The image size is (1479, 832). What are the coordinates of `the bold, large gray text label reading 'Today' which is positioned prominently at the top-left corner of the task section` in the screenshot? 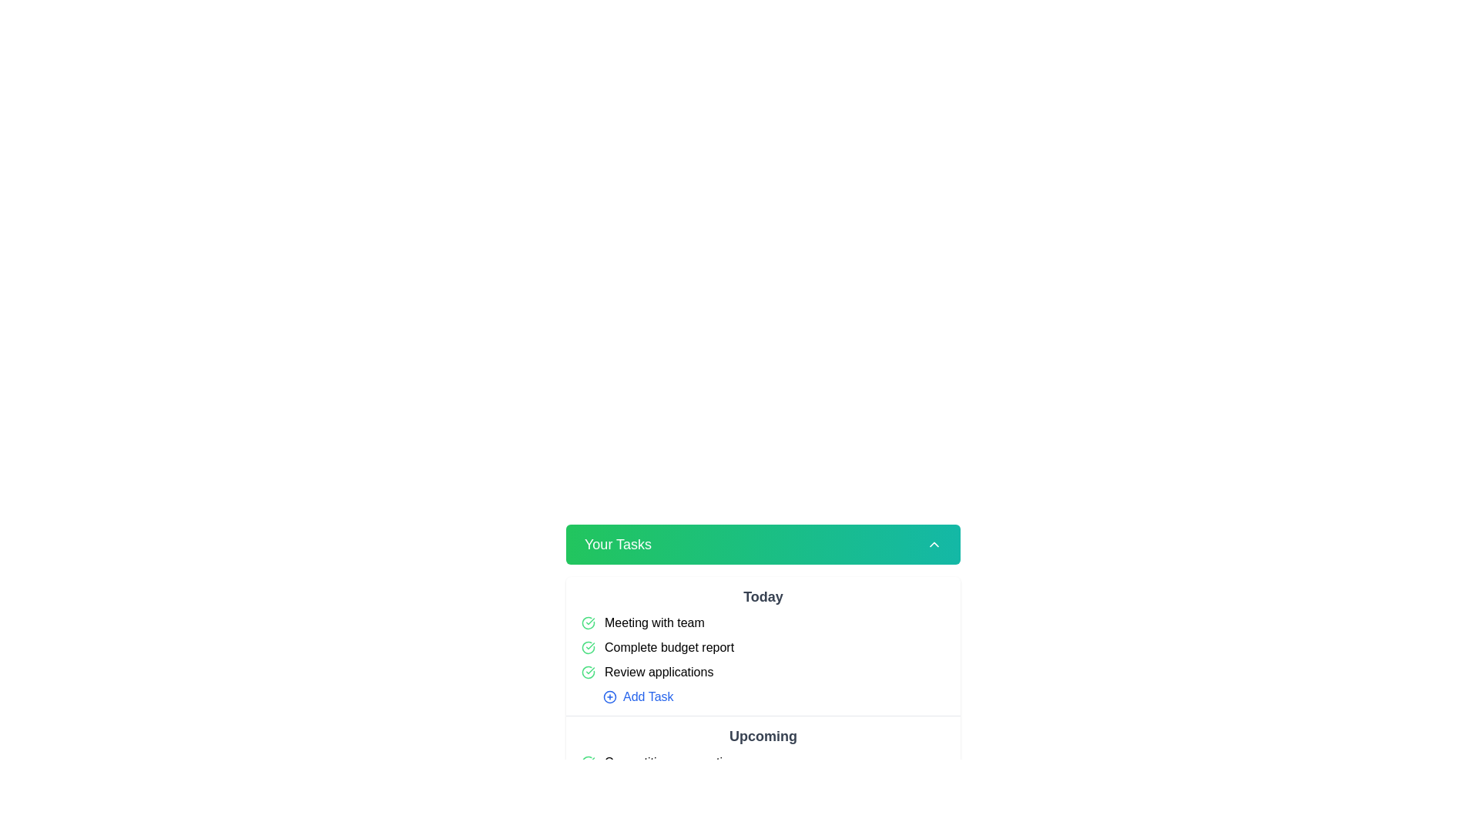 It's located at (763, 596).